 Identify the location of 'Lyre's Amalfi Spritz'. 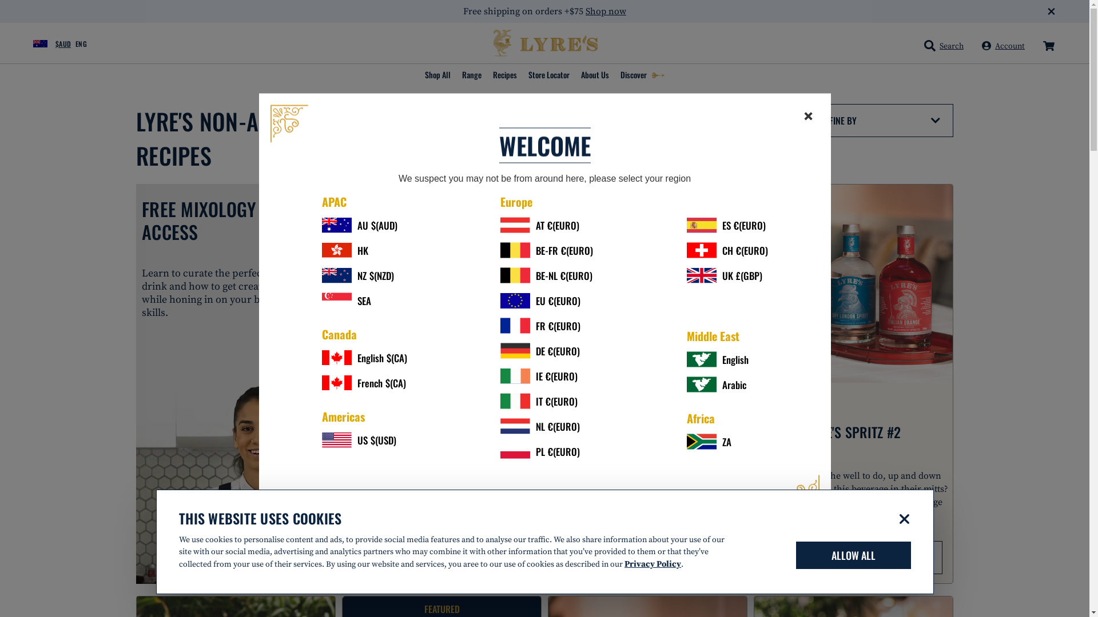
(647, 283).